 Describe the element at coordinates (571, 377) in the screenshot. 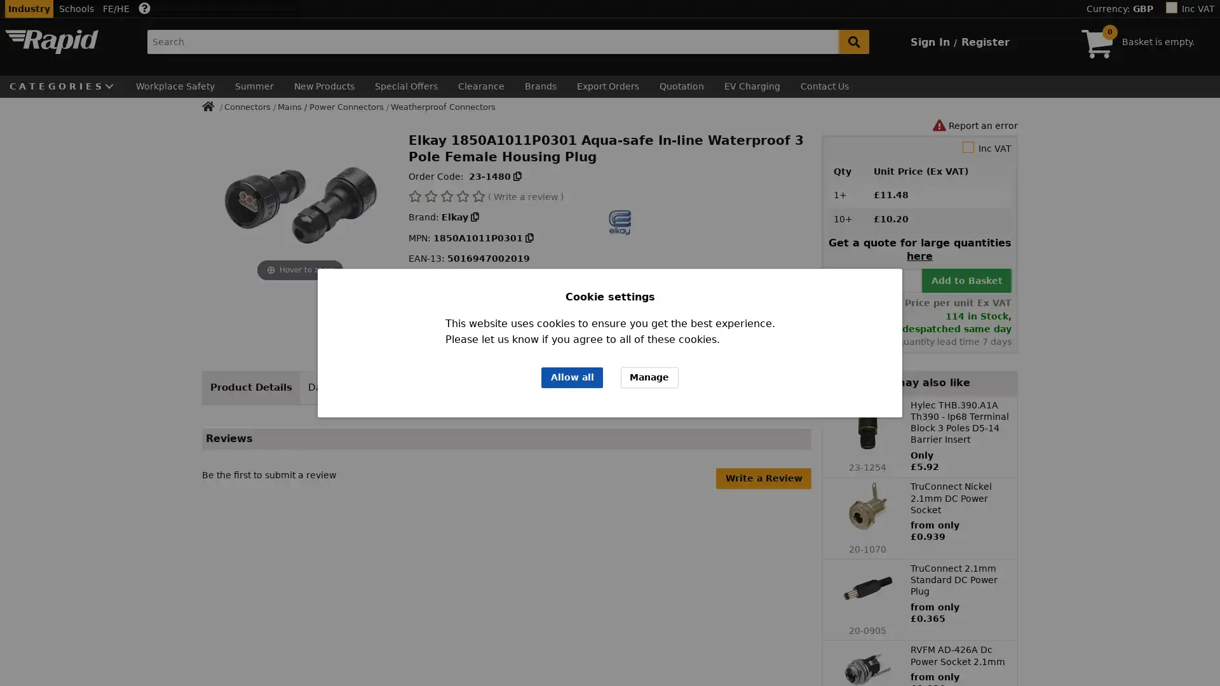

I see `Allow all` at that location.